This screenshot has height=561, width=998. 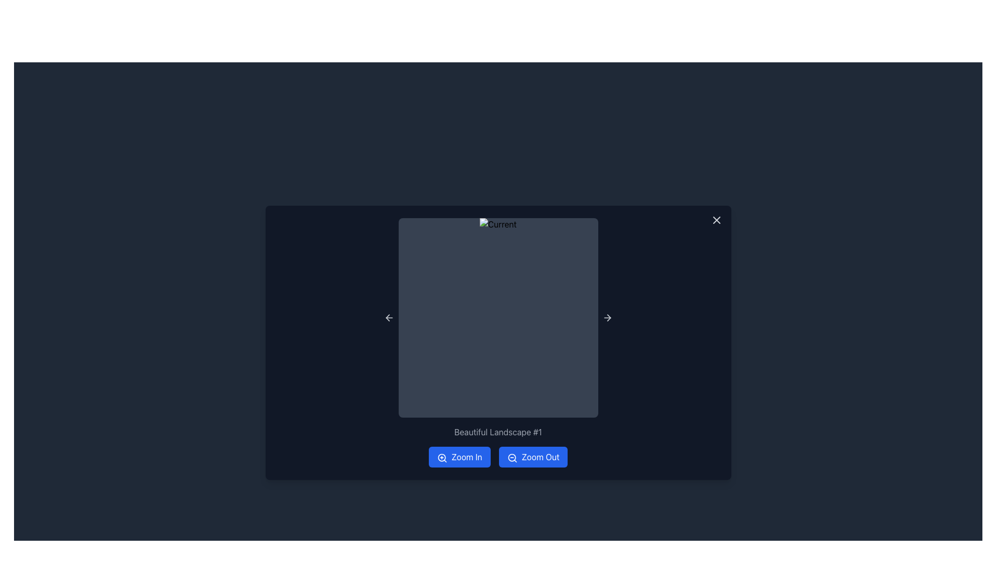 I want to click on the right-pointing arrow icon button located on the far right edge of the image viewer interface, so click(x=607, y=317).